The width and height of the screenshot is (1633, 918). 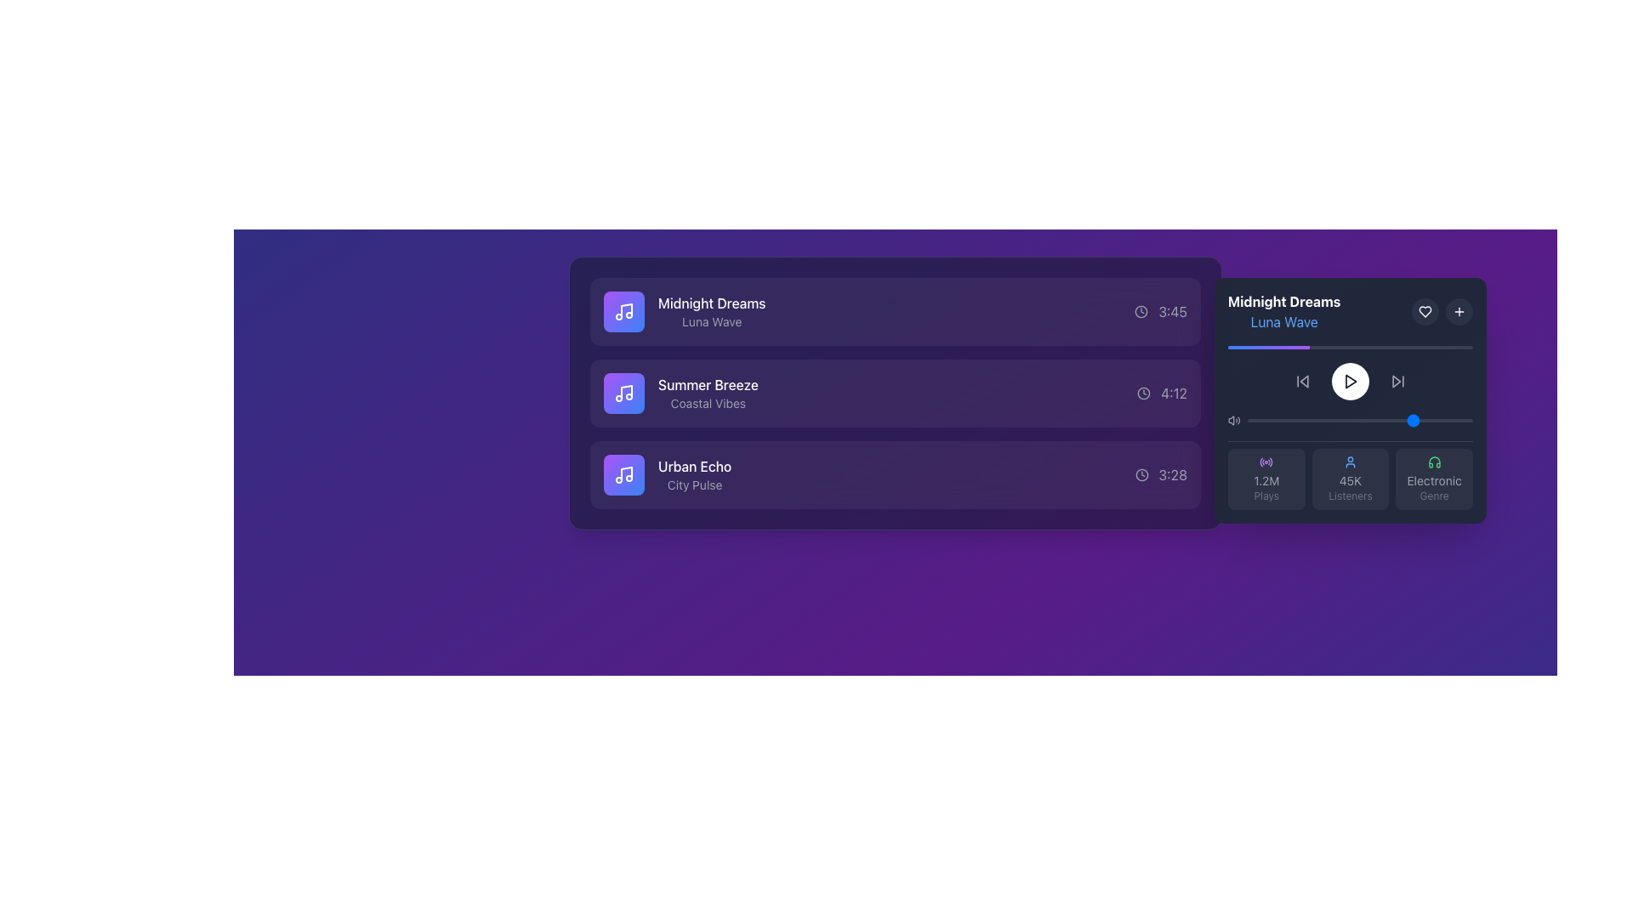 What do you see at coordinates (1266, 462) in the screenshot?
I see `the circular purple icon resembling a radio signal, located in the top-left corner of the section displaying '1.2M Plays'` at bounding box center [1266, 462].